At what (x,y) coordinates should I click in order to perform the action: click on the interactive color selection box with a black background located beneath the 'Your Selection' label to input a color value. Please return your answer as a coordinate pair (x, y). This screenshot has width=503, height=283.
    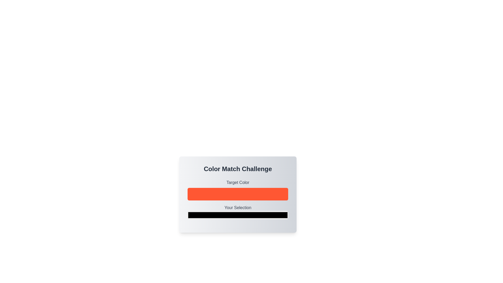
    Looking at the image, I should click on (237, 212).